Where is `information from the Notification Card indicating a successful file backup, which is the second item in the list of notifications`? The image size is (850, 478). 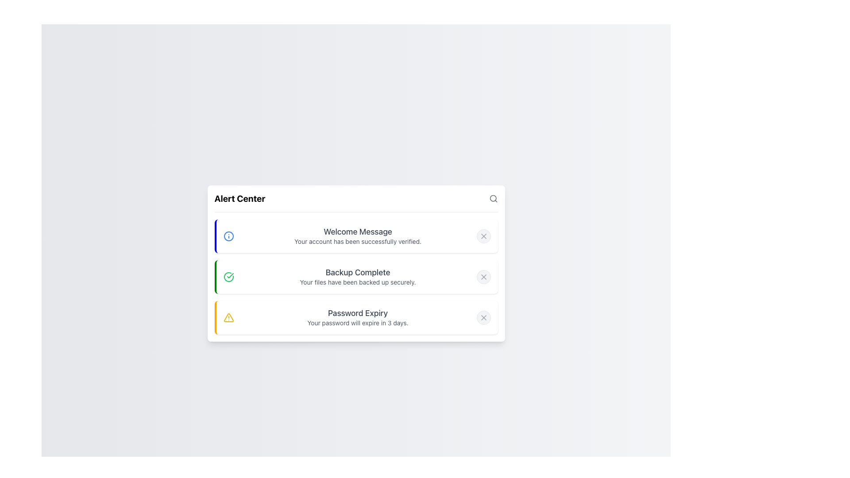
information from the Notification Card indicating a successful file backup, which is the second item in the list of notifications is located at coordinates (356, 262).